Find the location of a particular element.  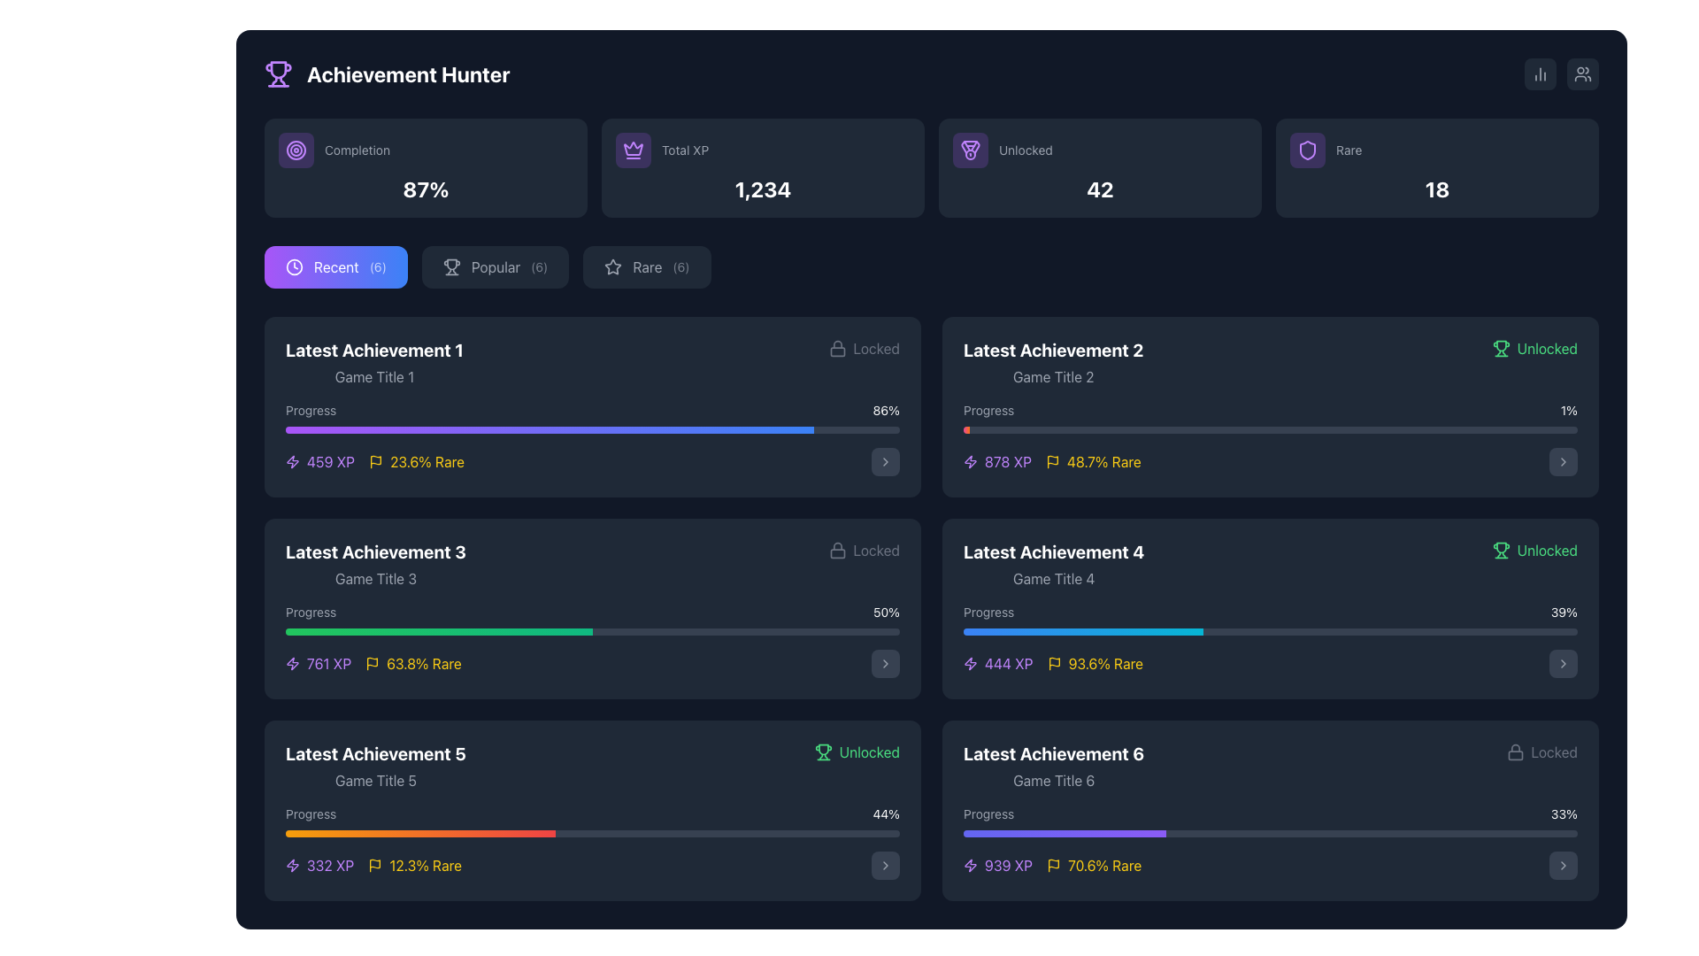

the text-label element that describes the latest achievement titled 'Latest Achievement 4' and its associated game 'Game Title 4' is located at coordinates (1054, 564).